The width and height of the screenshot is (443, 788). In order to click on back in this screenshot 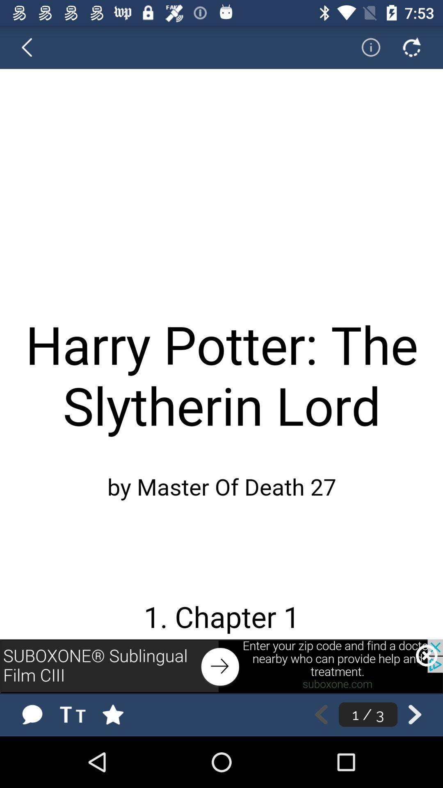, I will do `click(32, 47)`.